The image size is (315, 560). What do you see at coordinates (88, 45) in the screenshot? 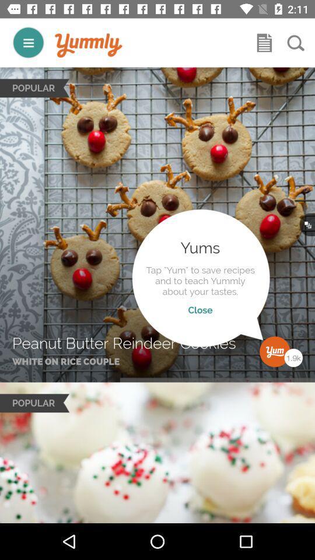
I see `to go home page` at bounding box center [88, 45].